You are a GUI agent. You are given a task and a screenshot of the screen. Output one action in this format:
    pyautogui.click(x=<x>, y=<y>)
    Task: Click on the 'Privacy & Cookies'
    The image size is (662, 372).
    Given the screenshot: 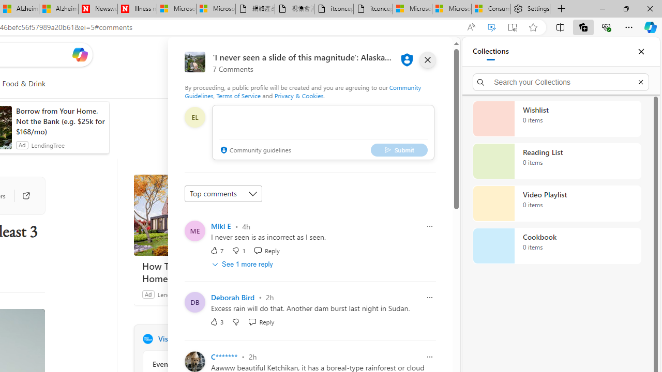 What is the action you would take?
    pyautogui.click(x=298, y=96)
    